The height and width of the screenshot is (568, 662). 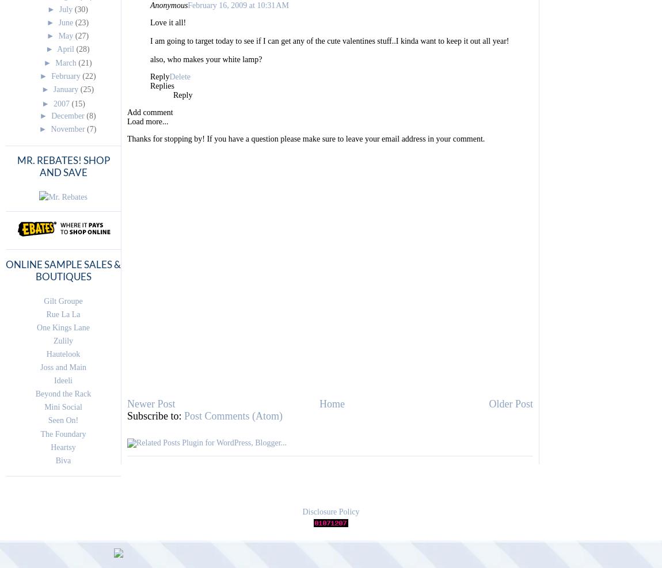 I want to click on '(15)', so click(x=77, y=102).